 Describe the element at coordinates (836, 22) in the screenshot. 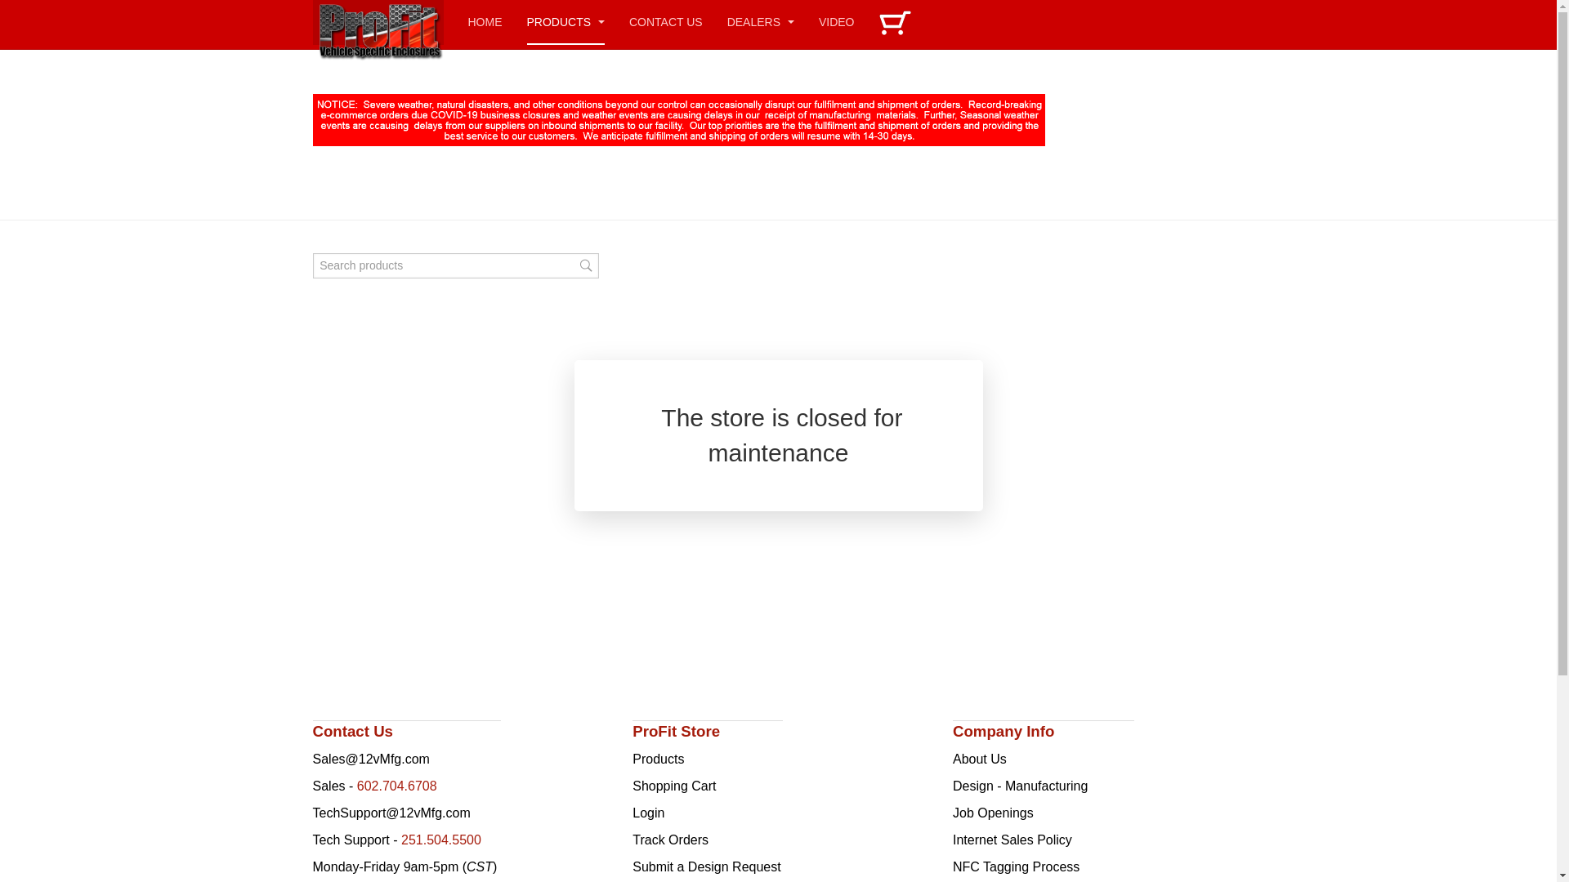

I see `'VIDEO'` at that location.